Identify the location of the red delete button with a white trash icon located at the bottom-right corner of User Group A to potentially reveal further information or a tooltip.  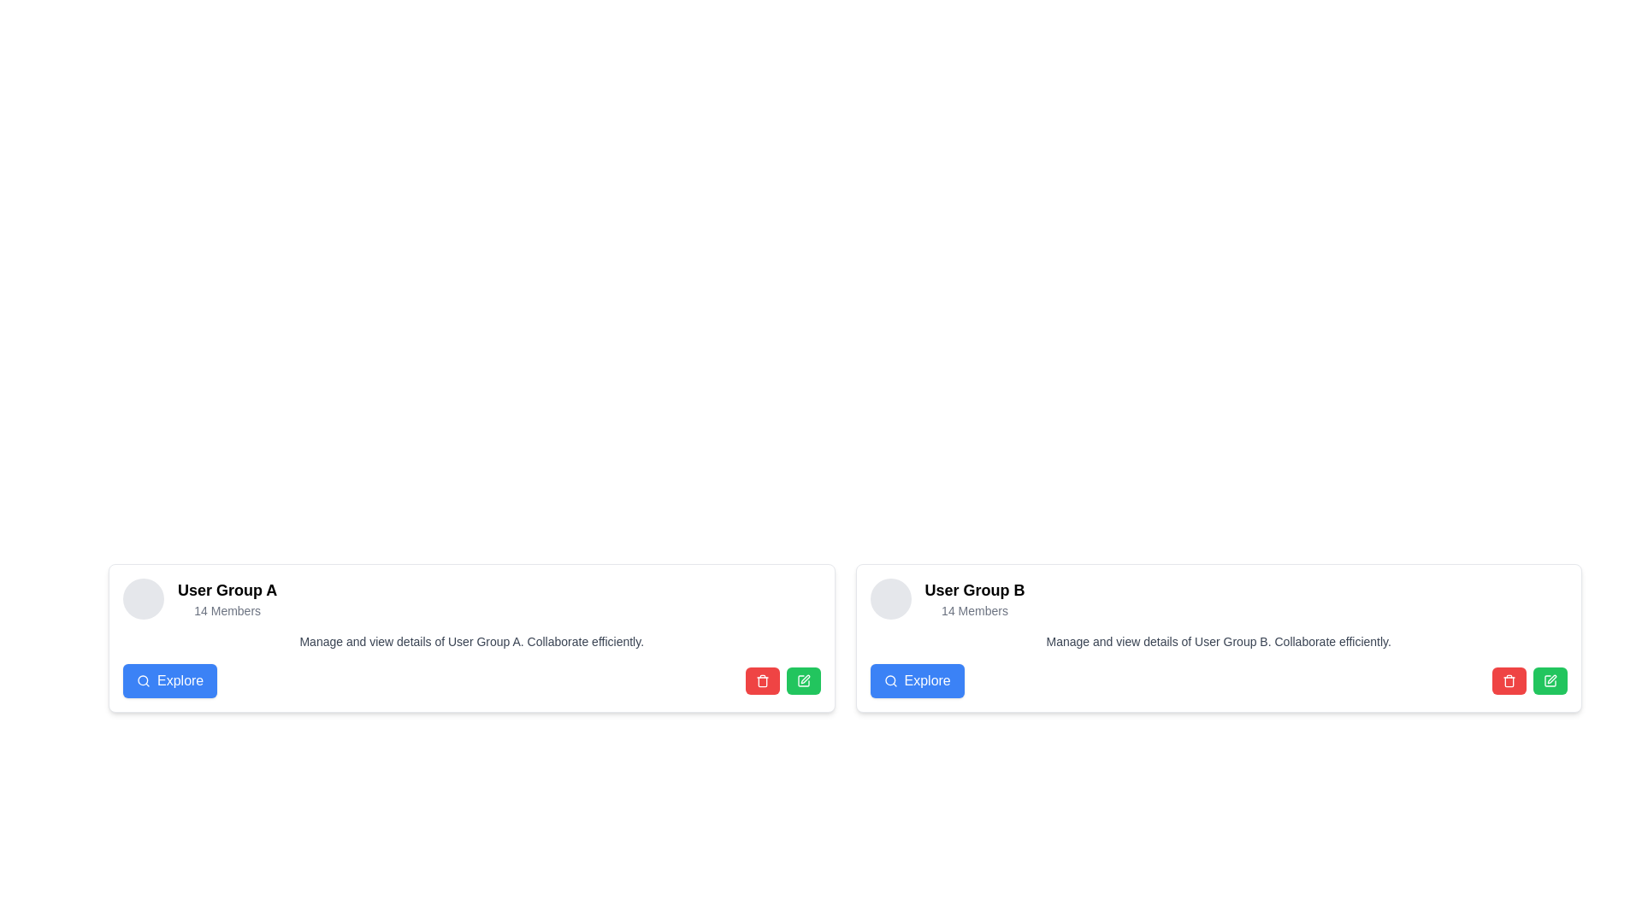
(761, 680).